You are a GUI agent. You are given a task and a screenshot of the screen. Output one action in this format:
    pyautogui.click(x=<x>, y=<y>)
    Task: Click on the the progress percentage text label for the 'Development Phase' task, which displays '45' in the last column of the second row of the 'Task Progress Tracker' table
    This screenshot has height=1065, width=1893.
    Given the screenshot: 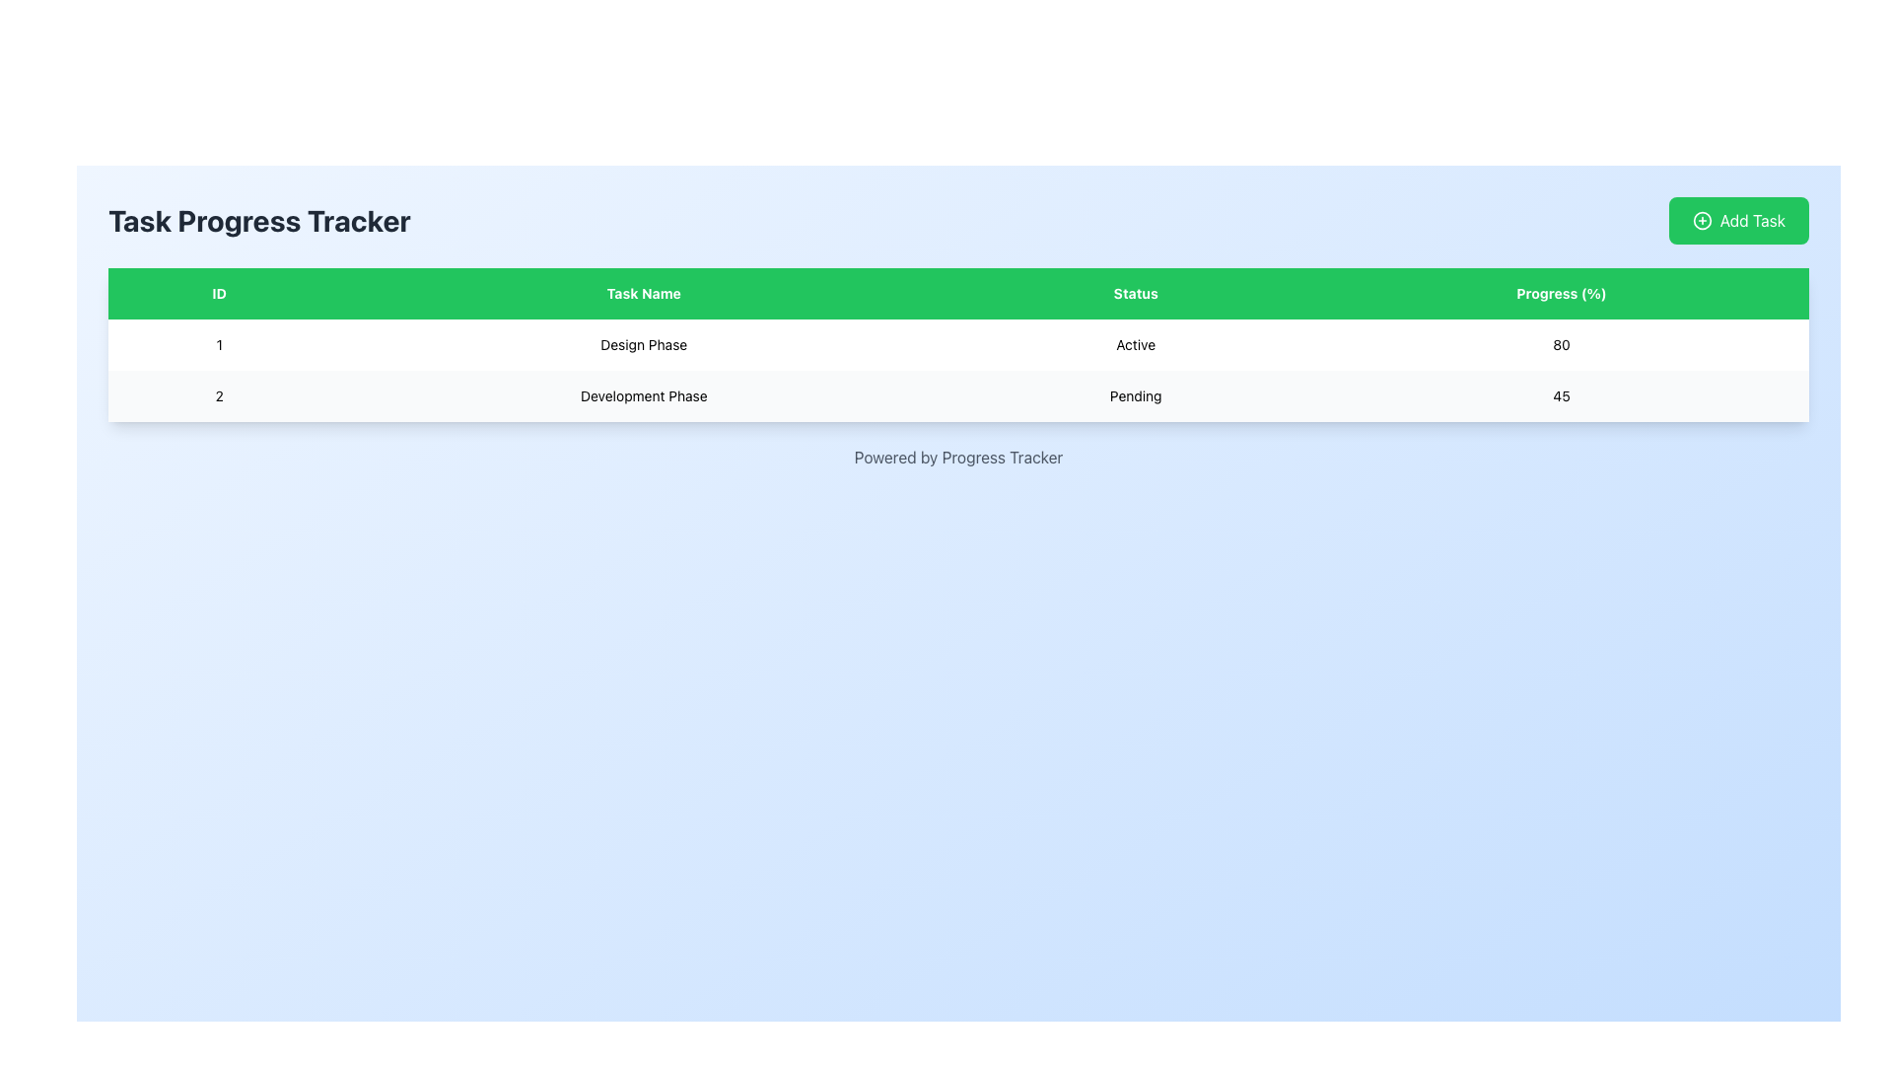 What is the action you would take?
    pyautogui.click(x=1561, y=395)
    